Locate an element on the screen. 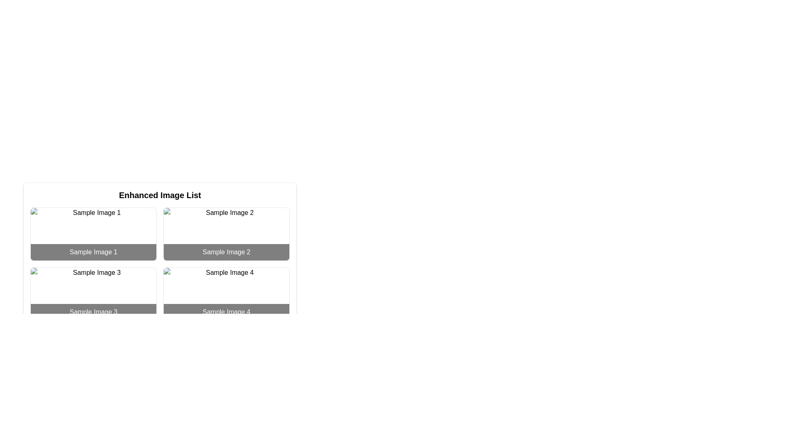 The image size is (788, 443). label or caption section located at the bottom of the second image card labeled 'Sample Image 2' in the top row of the grid layout is located at coordinates (227, 251).